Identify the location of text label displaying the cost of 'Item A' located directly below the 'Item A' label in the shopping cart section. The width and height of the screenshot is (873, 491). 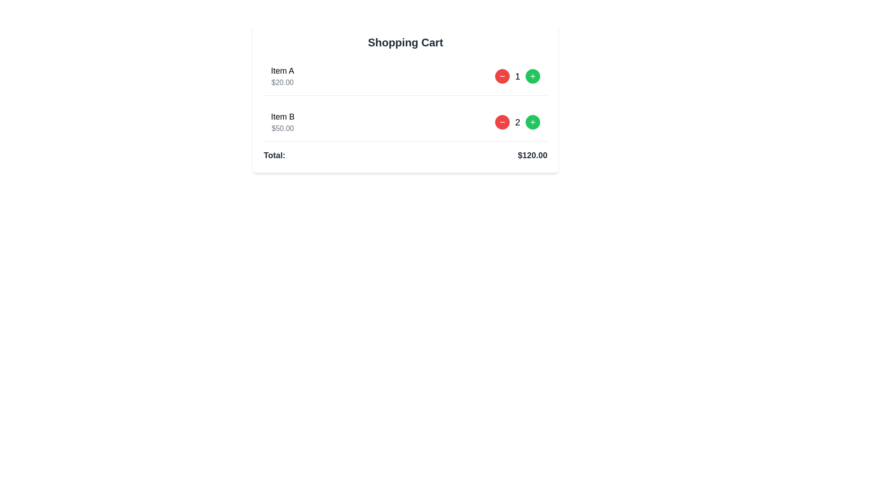
(282, 82).